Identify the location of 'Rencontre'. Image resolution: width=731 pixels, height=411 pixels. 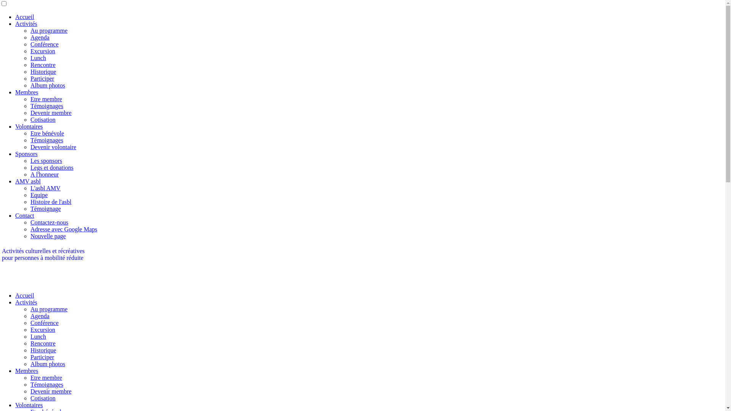
(30, 64).